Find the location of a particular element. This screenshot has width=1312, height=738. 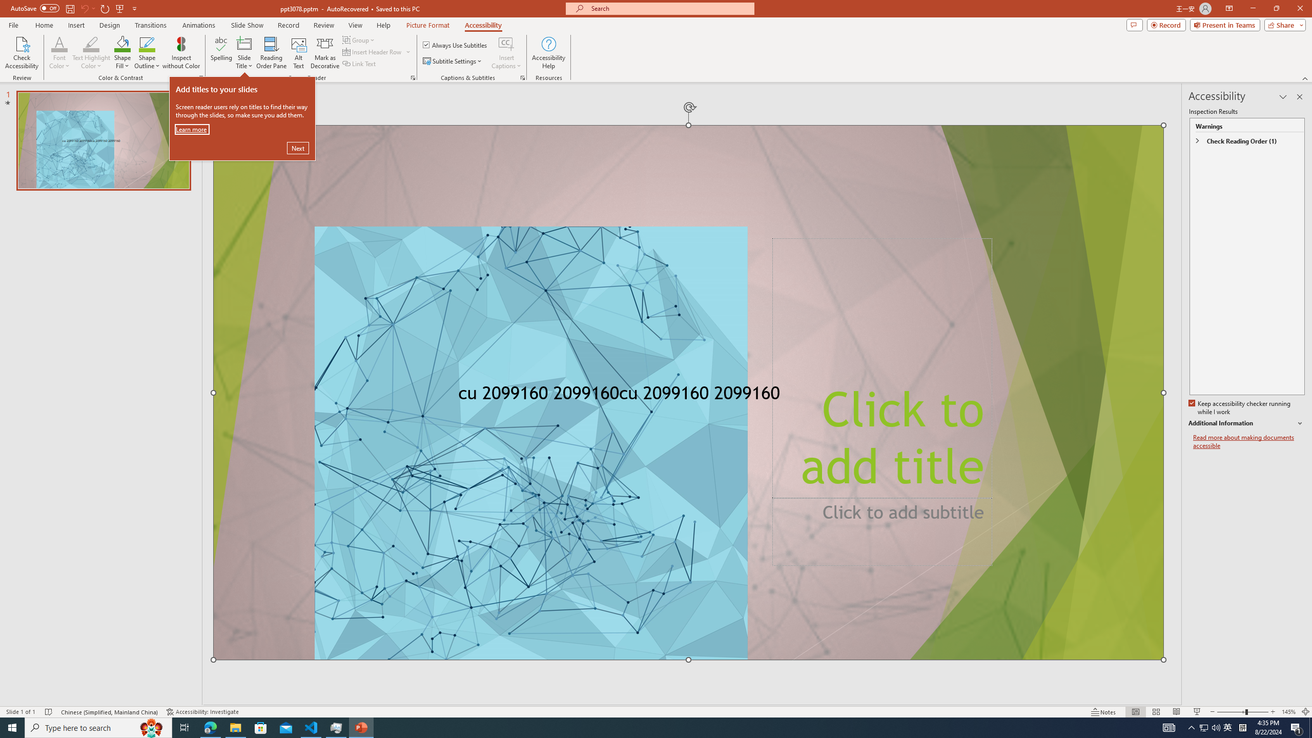

'Slide Title' is located at coordinates (244, 43).